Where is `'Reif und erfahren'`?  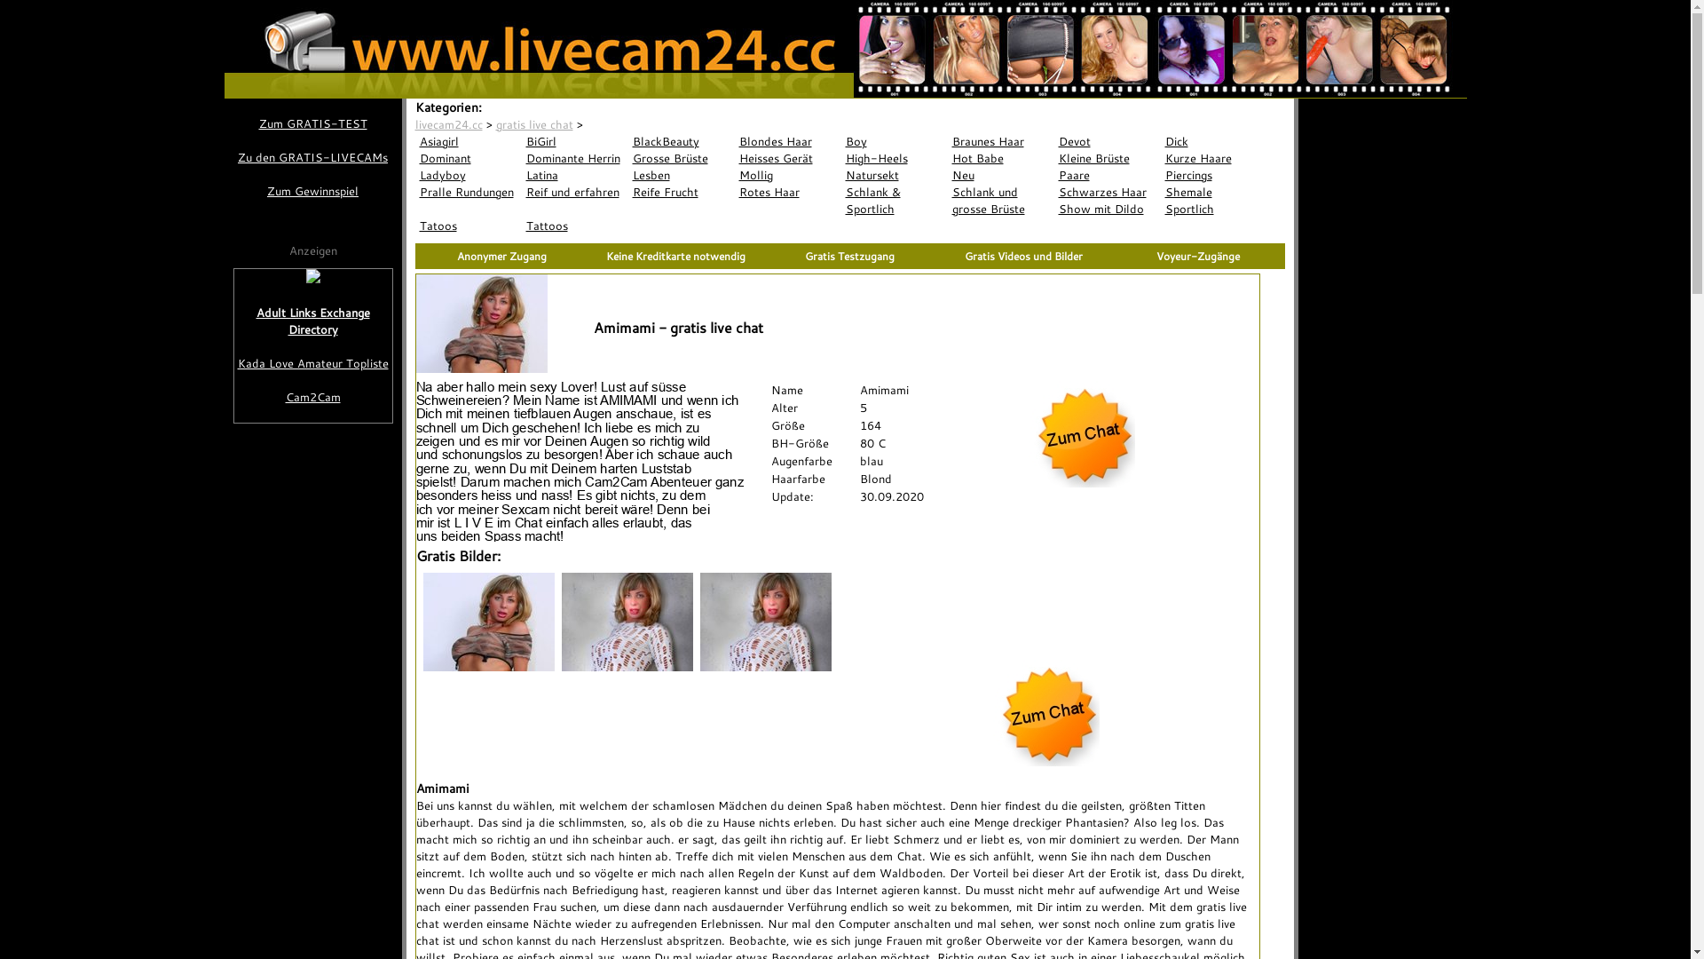 'Reif und erfahren' is located at coordinates (575, 192).